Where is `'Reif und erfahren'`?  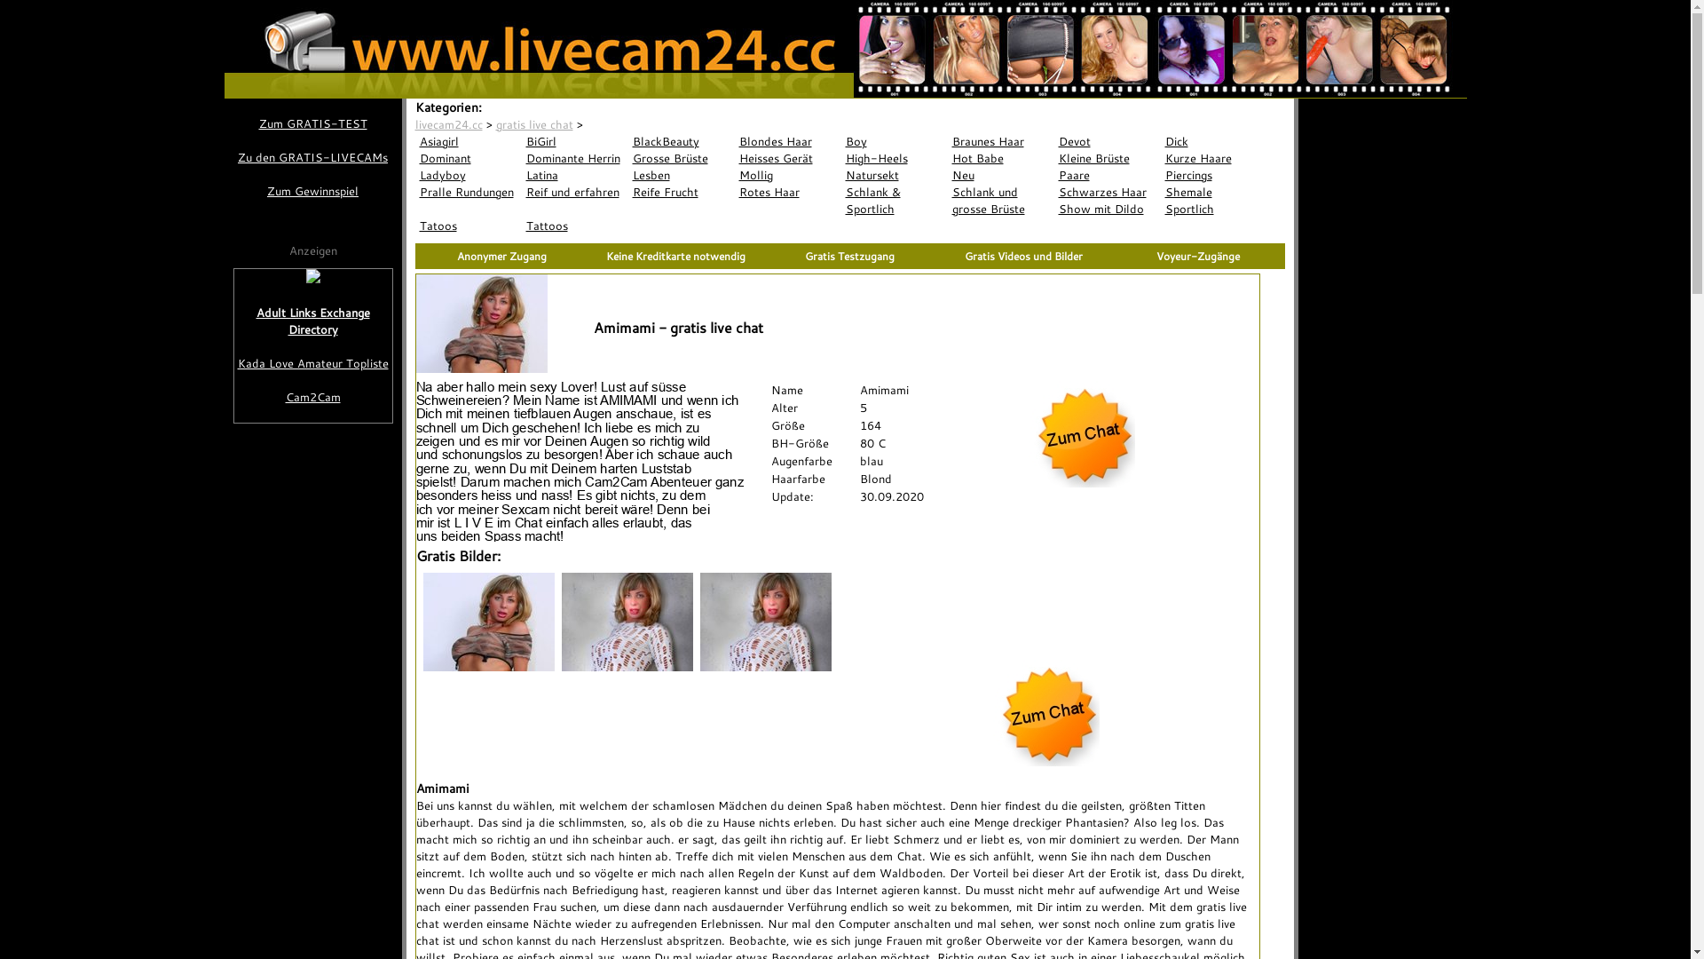 'Reif und erfahren' is located at coordinates (575, 192).